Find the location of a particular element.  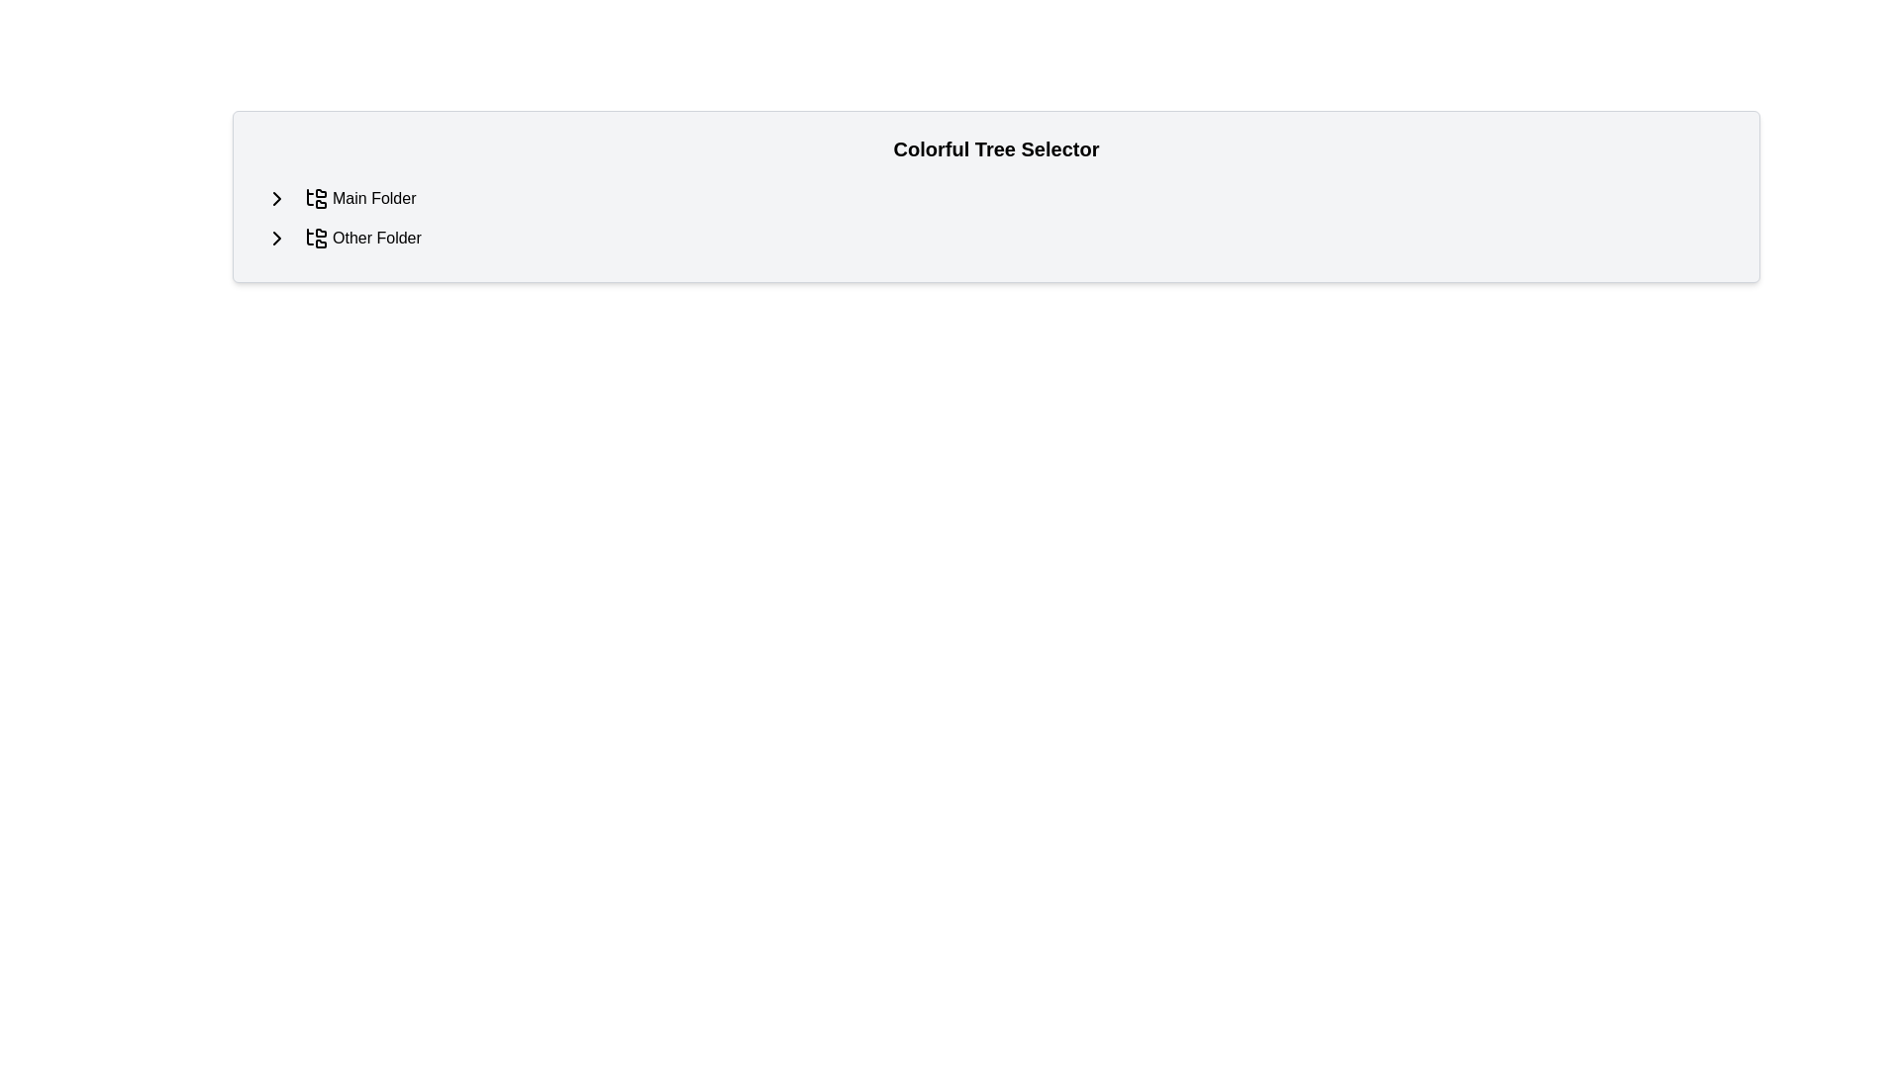

the chevron button that expands or collapses the 'Main Folder' tree structure, located to the left of the 'Main Folder' text is located at coordinates (275, 198).